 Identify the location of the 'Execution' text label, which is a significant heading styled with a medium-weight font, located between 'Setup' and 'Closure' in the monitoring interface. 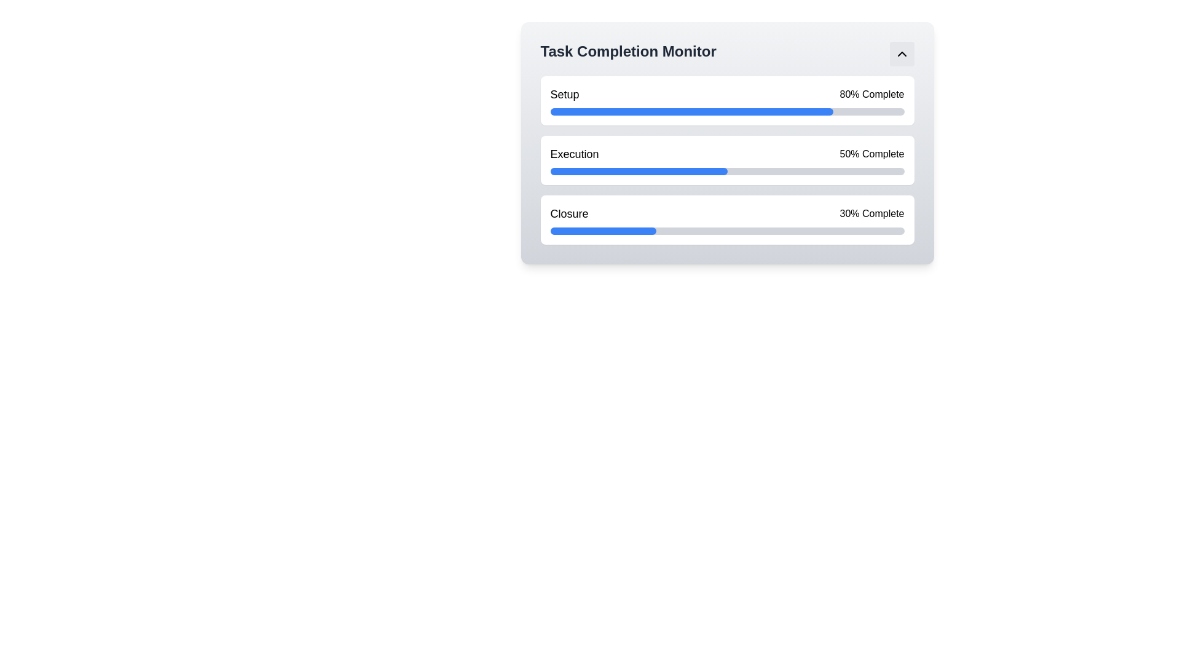
(574, 153).